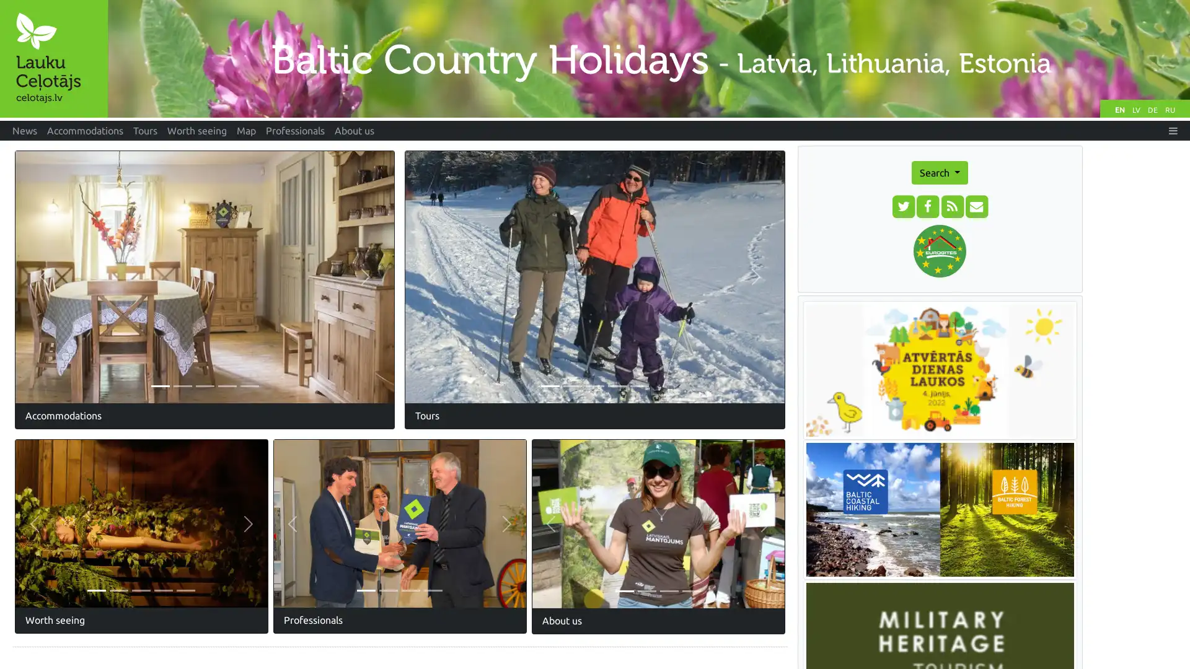  What do you see at coordinates (550, 523) in the screenshot?
I see `Previous` at bounding box center [550, 523].